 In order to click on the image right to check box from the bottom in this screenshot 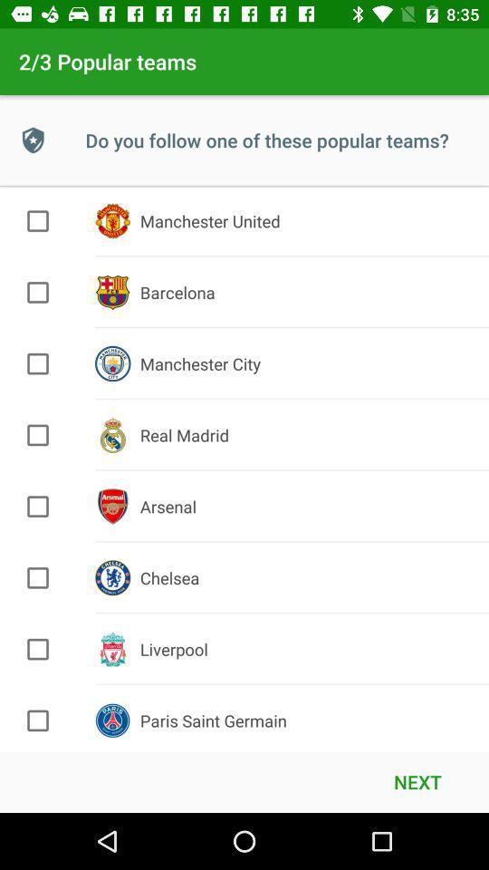, I will do `click(112, 720)`.